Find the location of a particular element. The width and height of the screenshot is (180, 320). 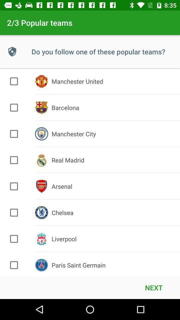

click here to choose paris saint germain is located at coordinates (14, 265).